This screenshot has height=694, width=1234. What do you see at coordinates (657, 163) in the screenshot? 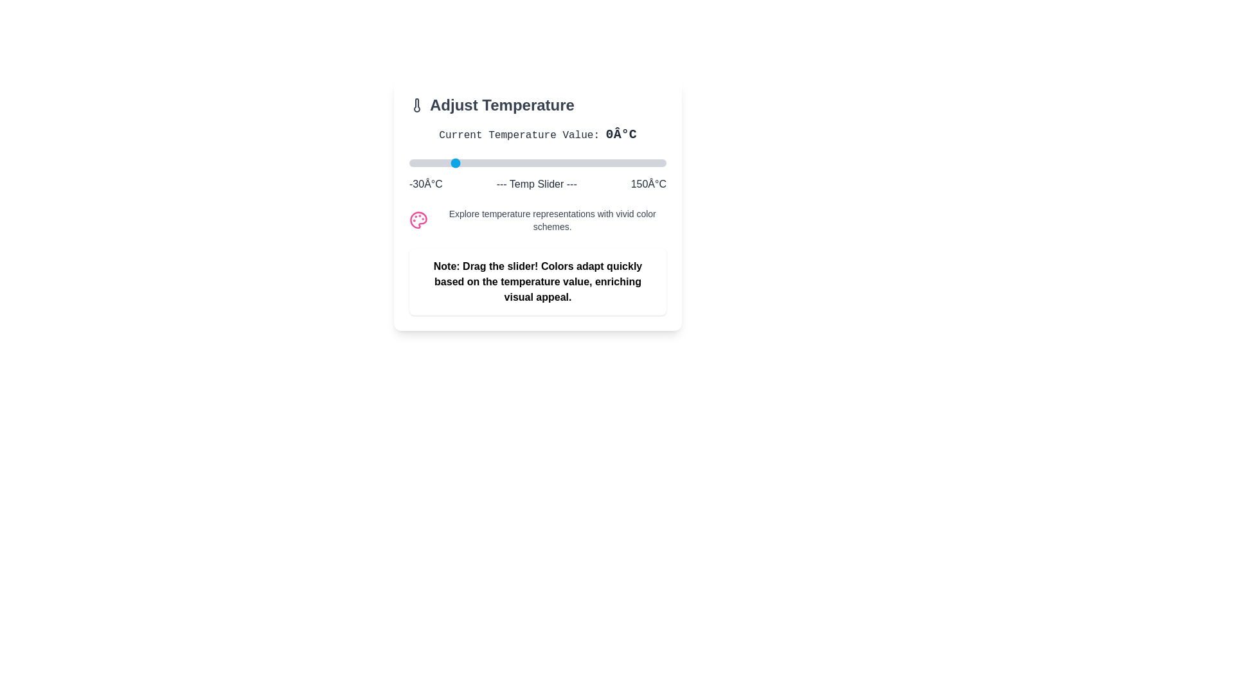
I see `the temperature slider to set the temperature to 144°C` at bounding box center [657, 163].